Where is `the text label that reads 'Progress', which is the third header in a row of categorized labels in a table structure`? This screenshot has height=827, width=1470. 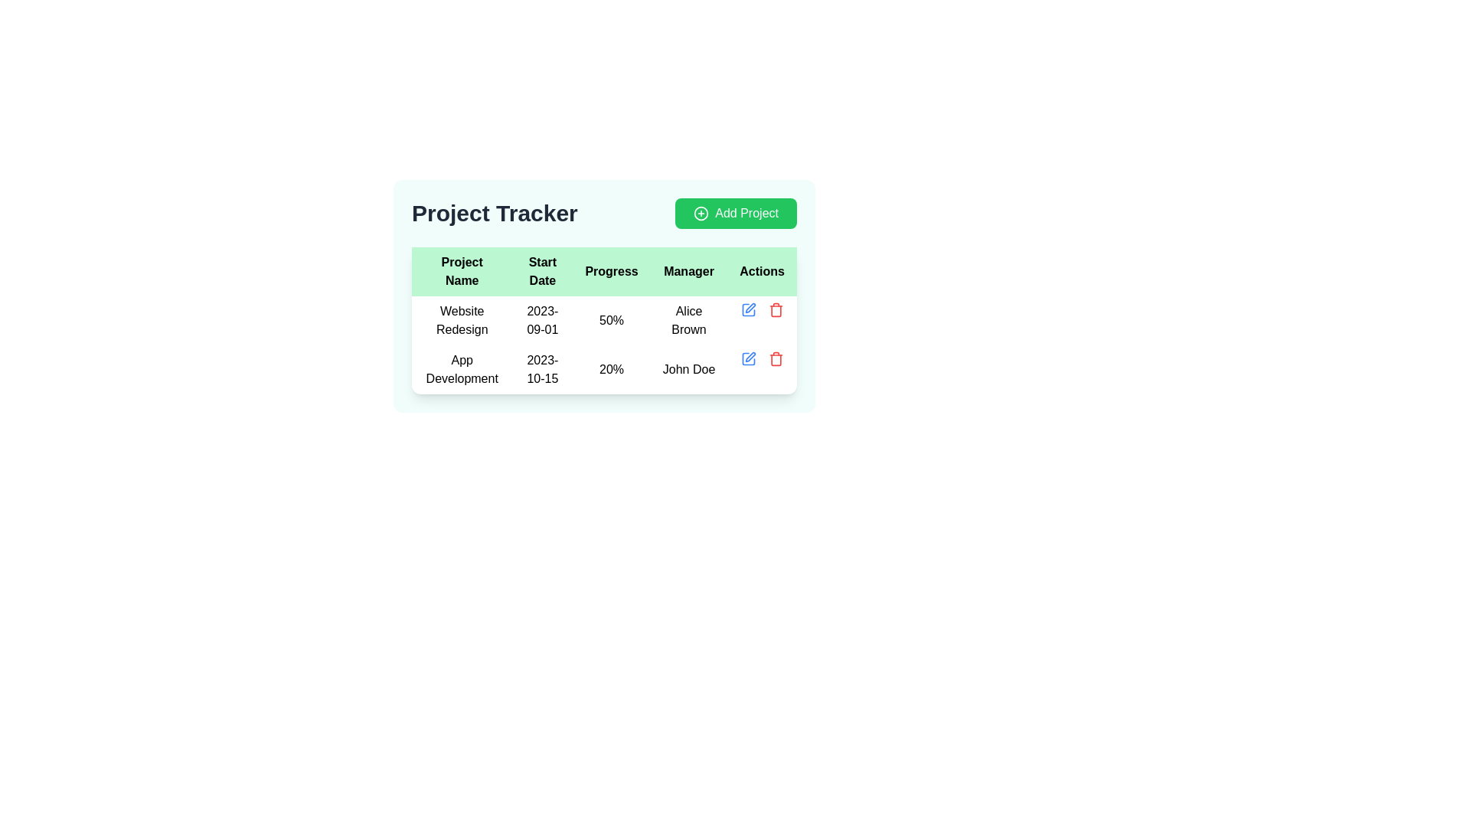 the text label that reads 'Progress', which is the third header in a row of categorized labels in a table structure is located at coordinates (611, 270).